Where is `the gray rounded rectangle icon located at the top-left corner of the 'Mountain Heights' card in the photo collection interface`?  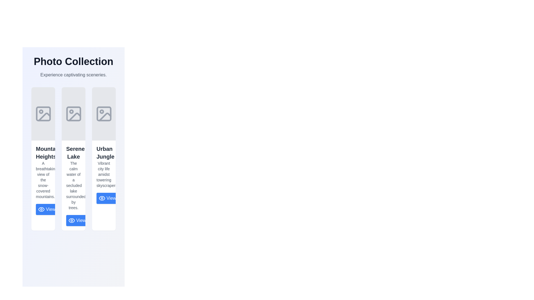
the gray rounded rectangle icon located at the top-left corner of the 'Mountain Heights' card in the photo collection interface is located at coordinates (43, 113).